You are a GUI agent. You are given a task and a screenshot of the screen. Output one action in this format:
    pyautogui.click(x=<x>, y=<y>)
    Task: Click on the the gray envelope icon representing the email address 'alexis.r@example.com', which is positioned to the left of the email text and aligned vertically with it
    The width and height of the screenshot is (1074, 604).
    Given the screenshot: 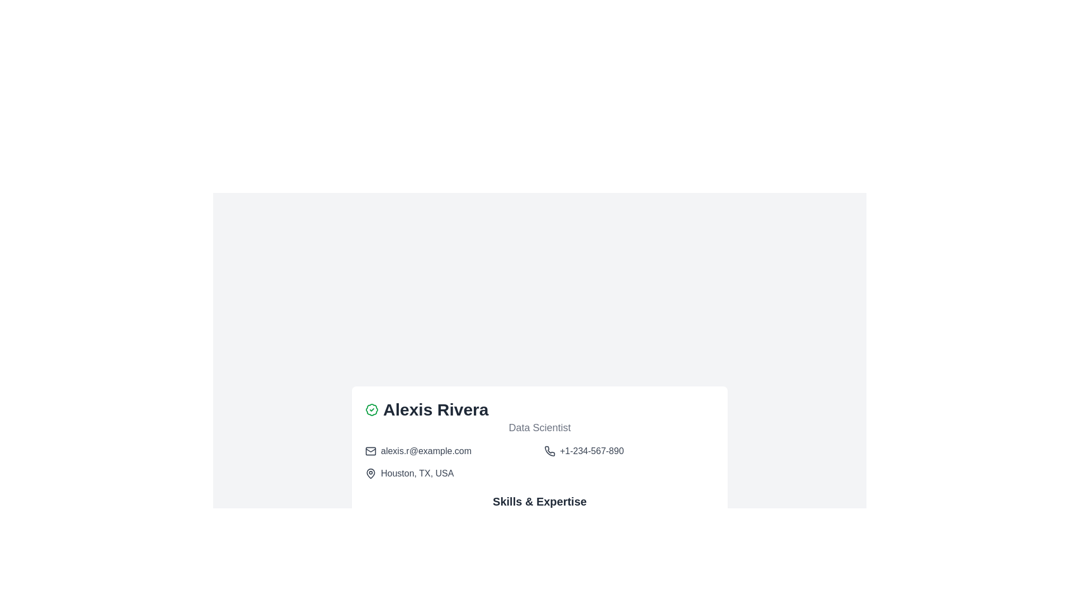 What is the action you would take?
    pyautogui.click(x=370, y=450)
    